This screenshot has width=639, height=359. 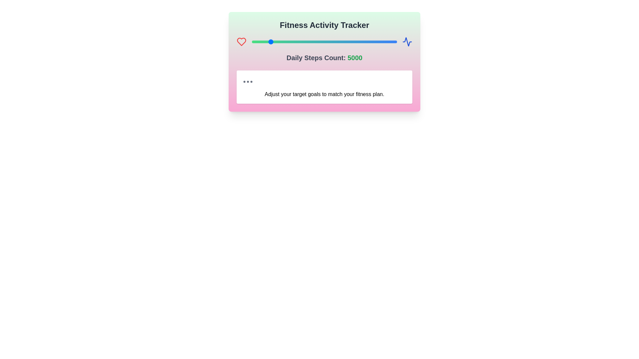 I want to click on the steps count to 14756 using the slider, so click(x=352, y=42).